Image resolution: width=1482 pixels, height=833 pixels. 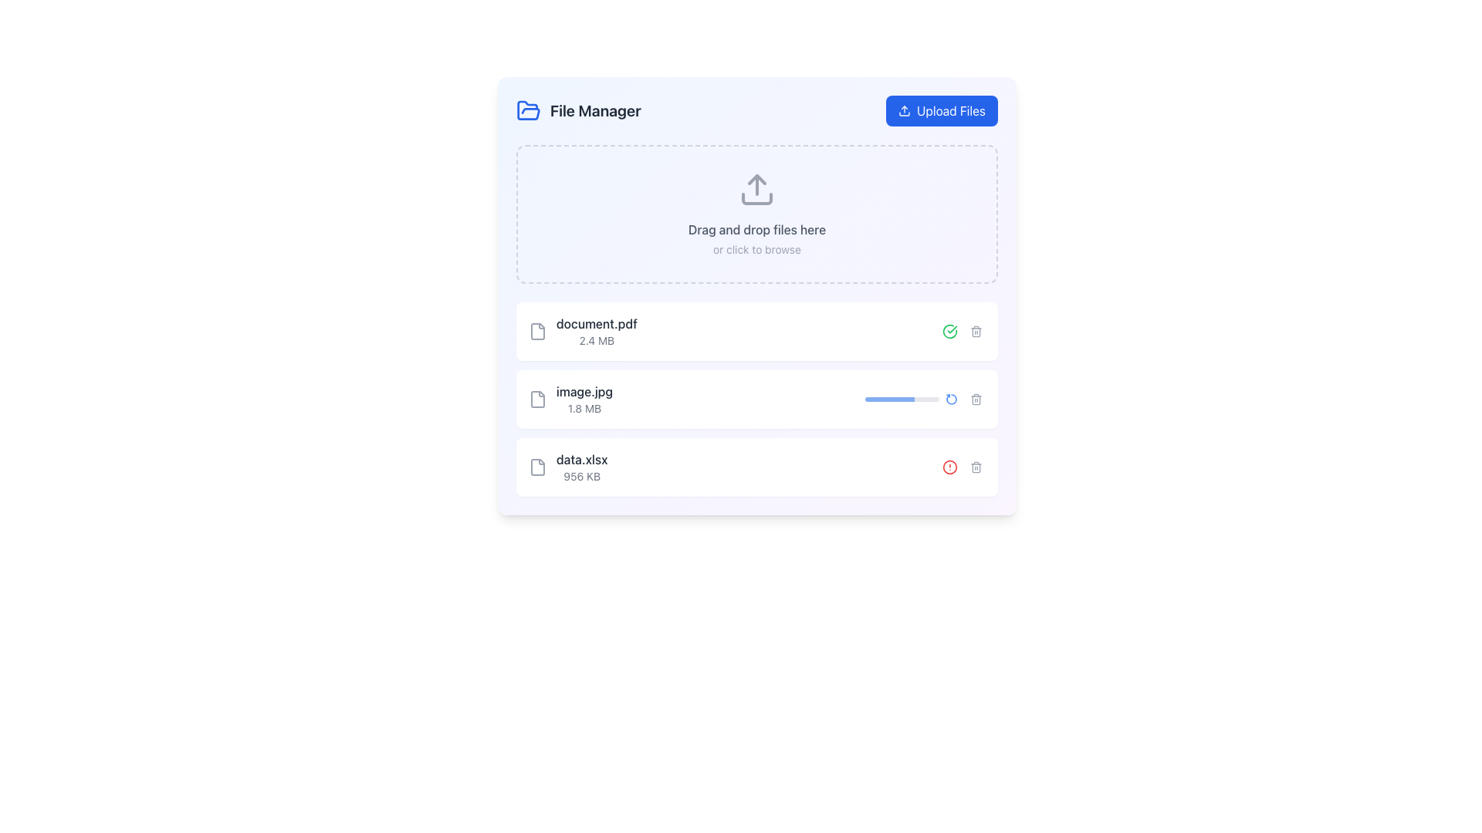 I want to click on the circular green icon representing the upload status of a file, located on the right-hand side of the second row in the file list, so click(x=949, y=330).